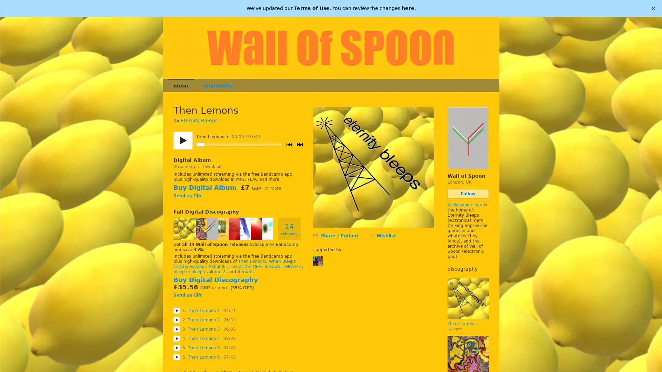 This screenshot has width=662, height=372. What do you see at coordinates (289, 144) in the screenshot?
I see `Previous track` at bounding box center [289, 144].